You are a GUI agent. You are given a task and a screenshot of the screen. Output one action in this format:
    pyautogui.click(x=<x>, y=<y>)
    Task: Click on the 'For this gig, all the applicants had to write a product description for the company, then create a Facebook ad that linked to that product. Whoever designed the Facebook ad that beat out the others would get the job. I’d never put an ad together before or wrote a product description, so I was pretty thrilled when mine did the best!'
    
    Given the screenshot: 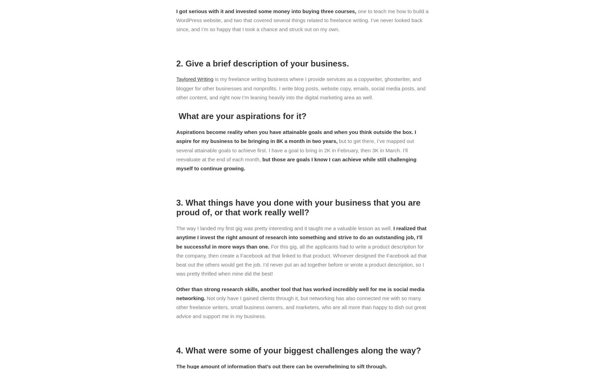 What is the action you would take?
    pyautogui.click(x=176, y=259)
    